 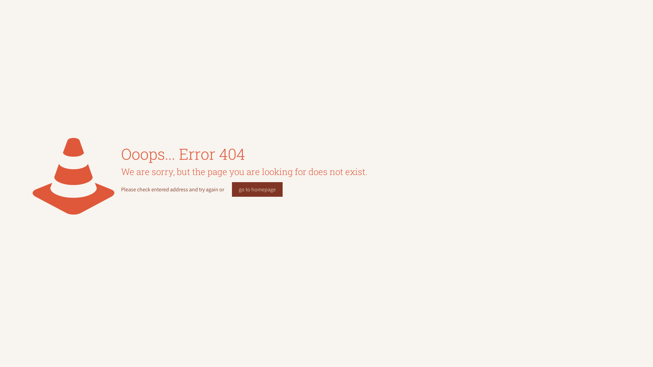 What do you see at coordinates (257, 189) in the screenshot?
I see `'go to homepage'` at bounding box center [257, 189].